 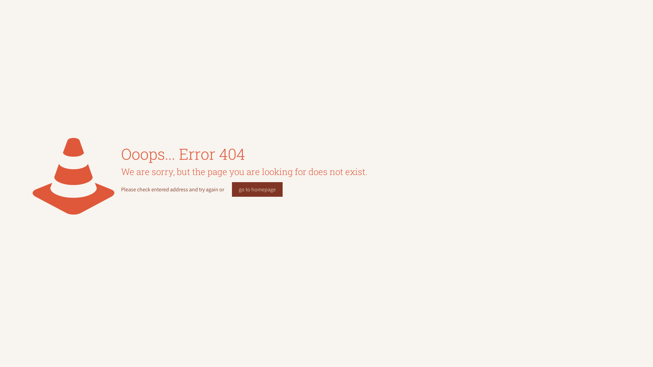 What do you see at coordinates (257, 189) in the screenshot?
I see `'go to homepage'` at bounding box center [257, 189].